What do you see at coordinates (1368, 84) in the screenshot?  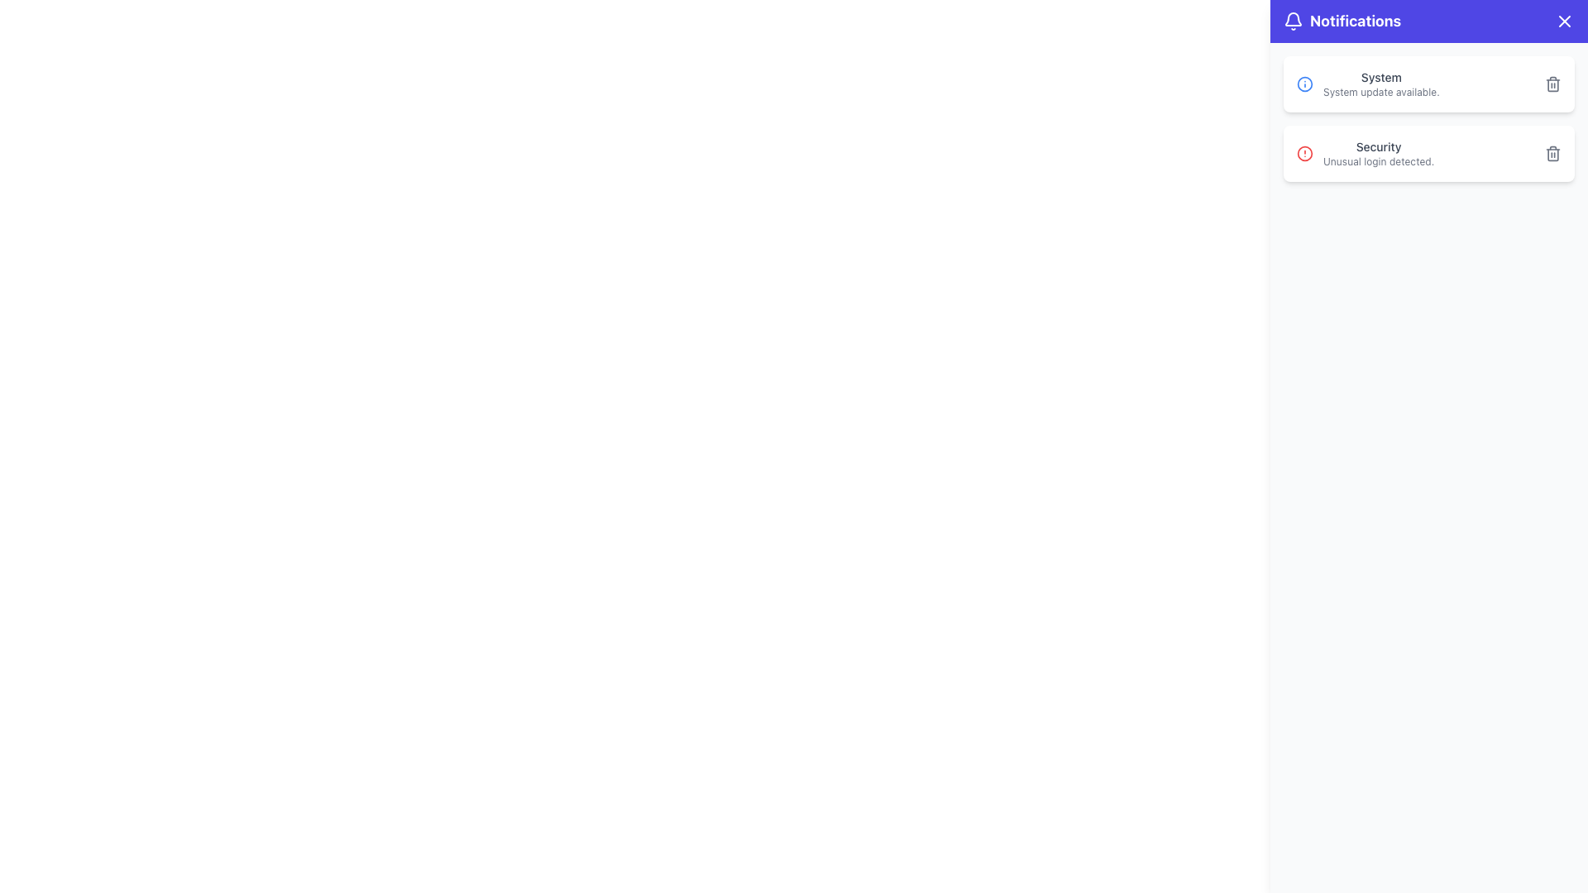 I see `the first notification item in the notification list, which features a blue circular icon with an 'i' and text indicating a system update is available` at bounding box center [1368, 84].